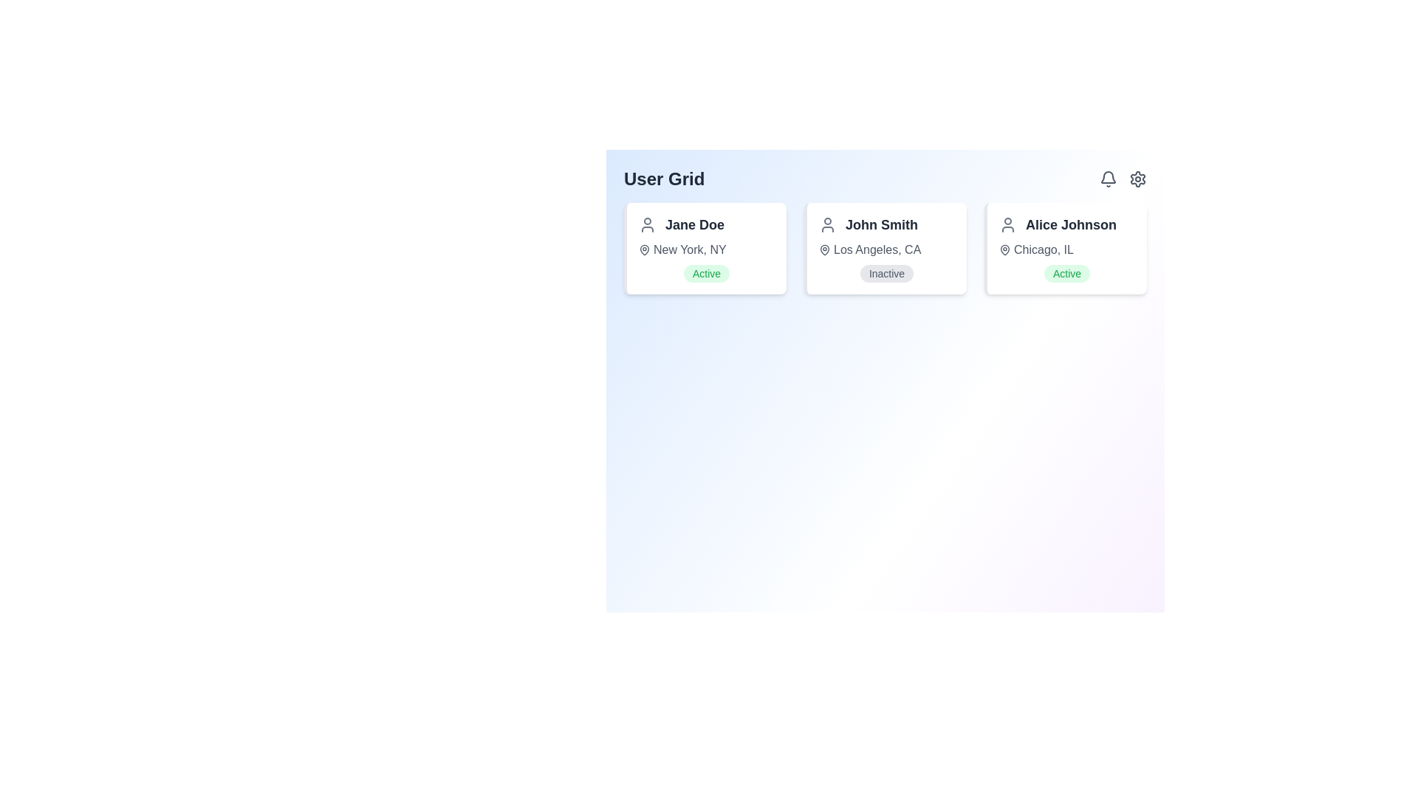 This screenshot has height=797, width=1418. I want to click on the Status badge indicating 'inactive' for user 'John Smith' located within the user card in Los Angeles, CA, so click(886, 273).